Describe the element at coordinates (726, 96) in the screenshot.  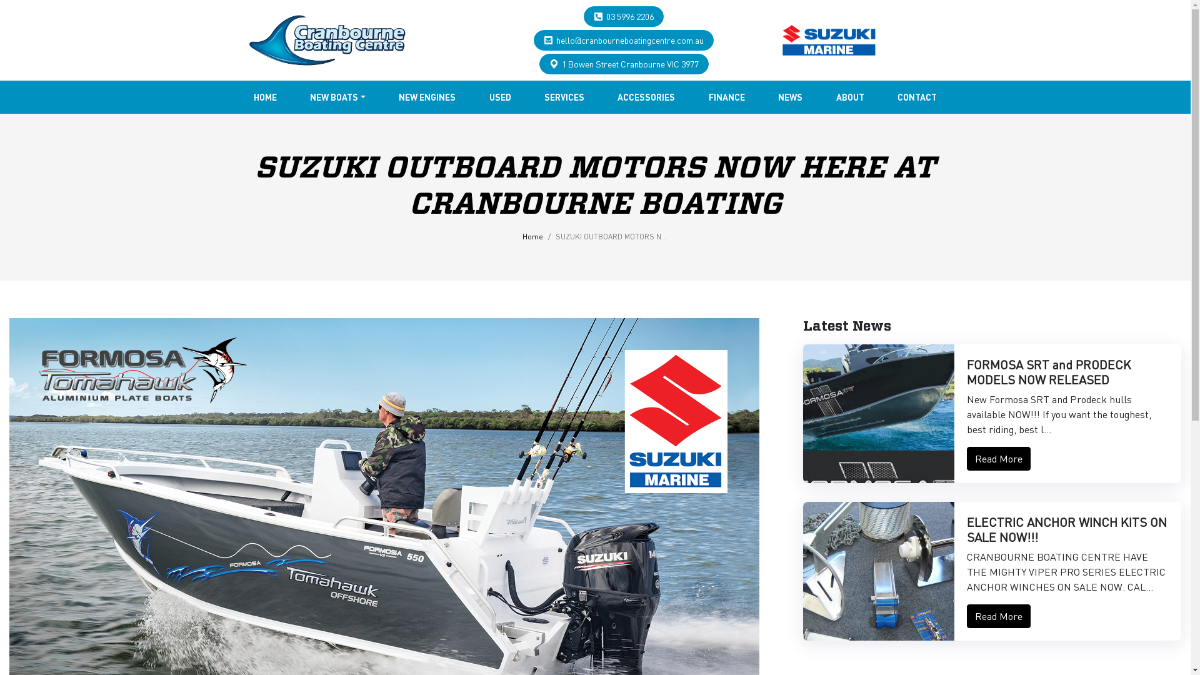
I see `'FINANCE'` at that location.